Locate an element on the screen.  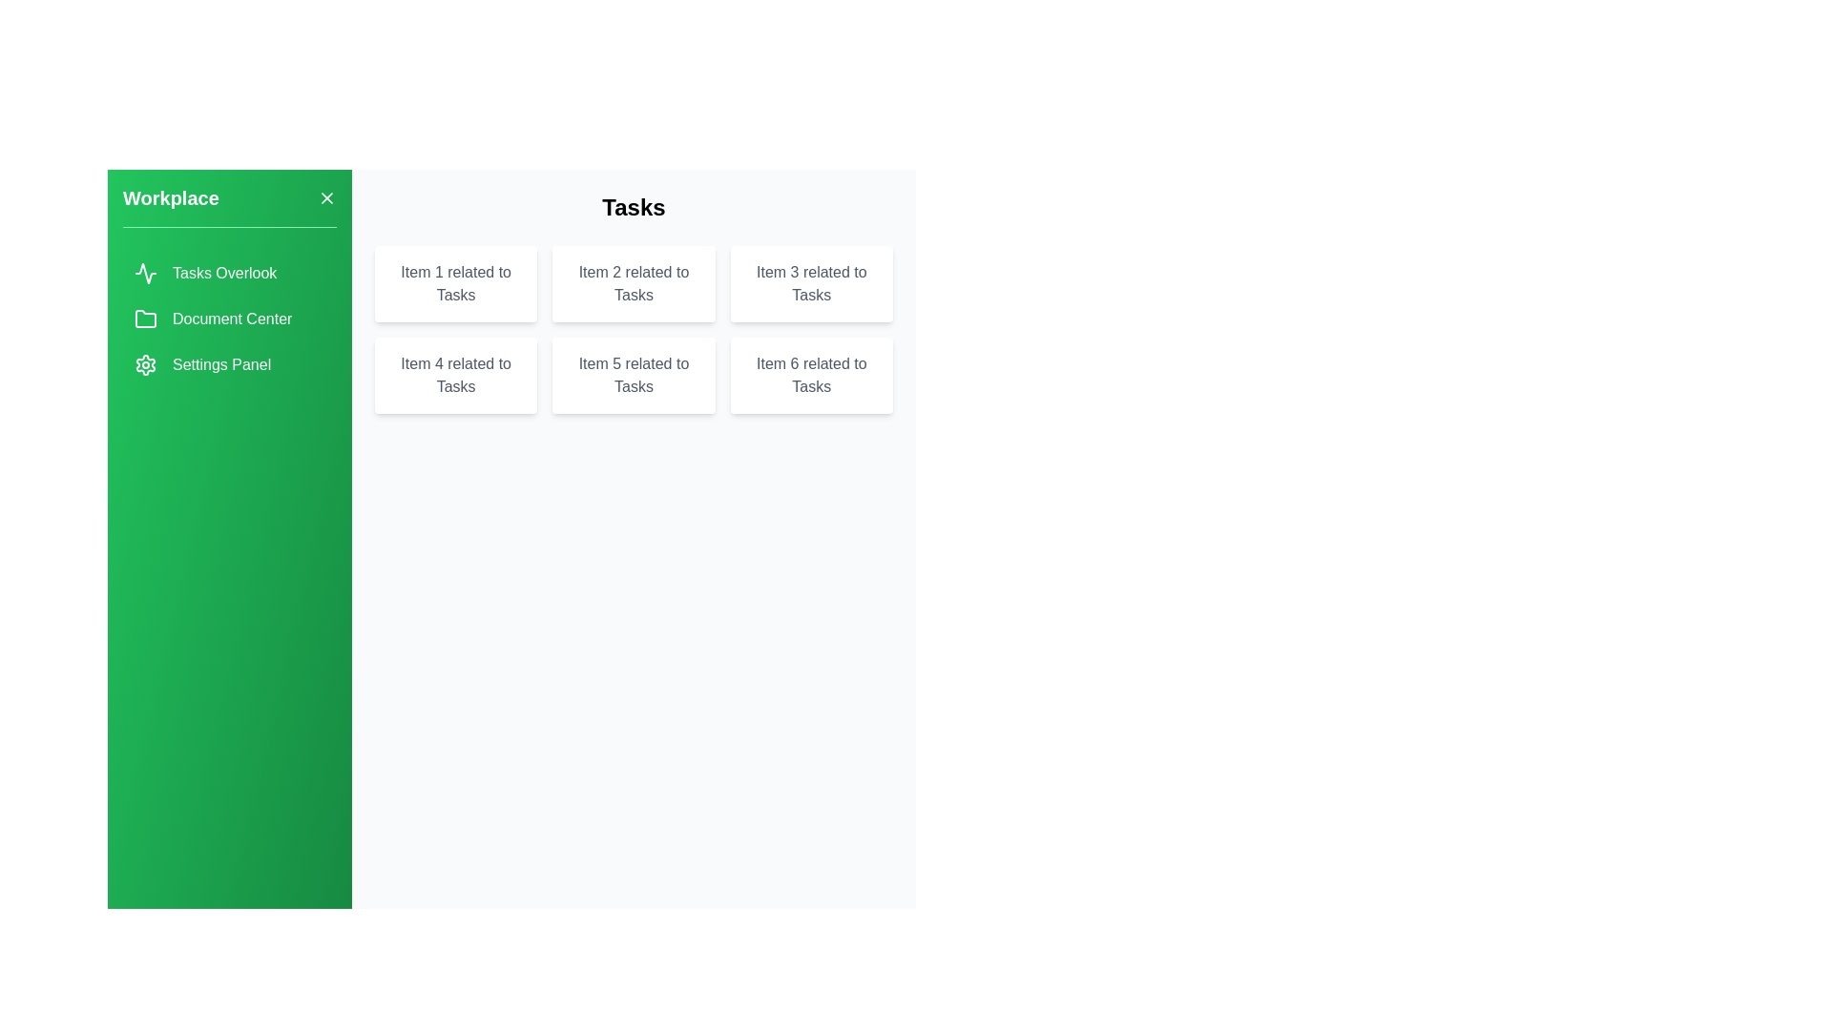
the close button to toggle the drawer closed is located at coordinates (326, 198).